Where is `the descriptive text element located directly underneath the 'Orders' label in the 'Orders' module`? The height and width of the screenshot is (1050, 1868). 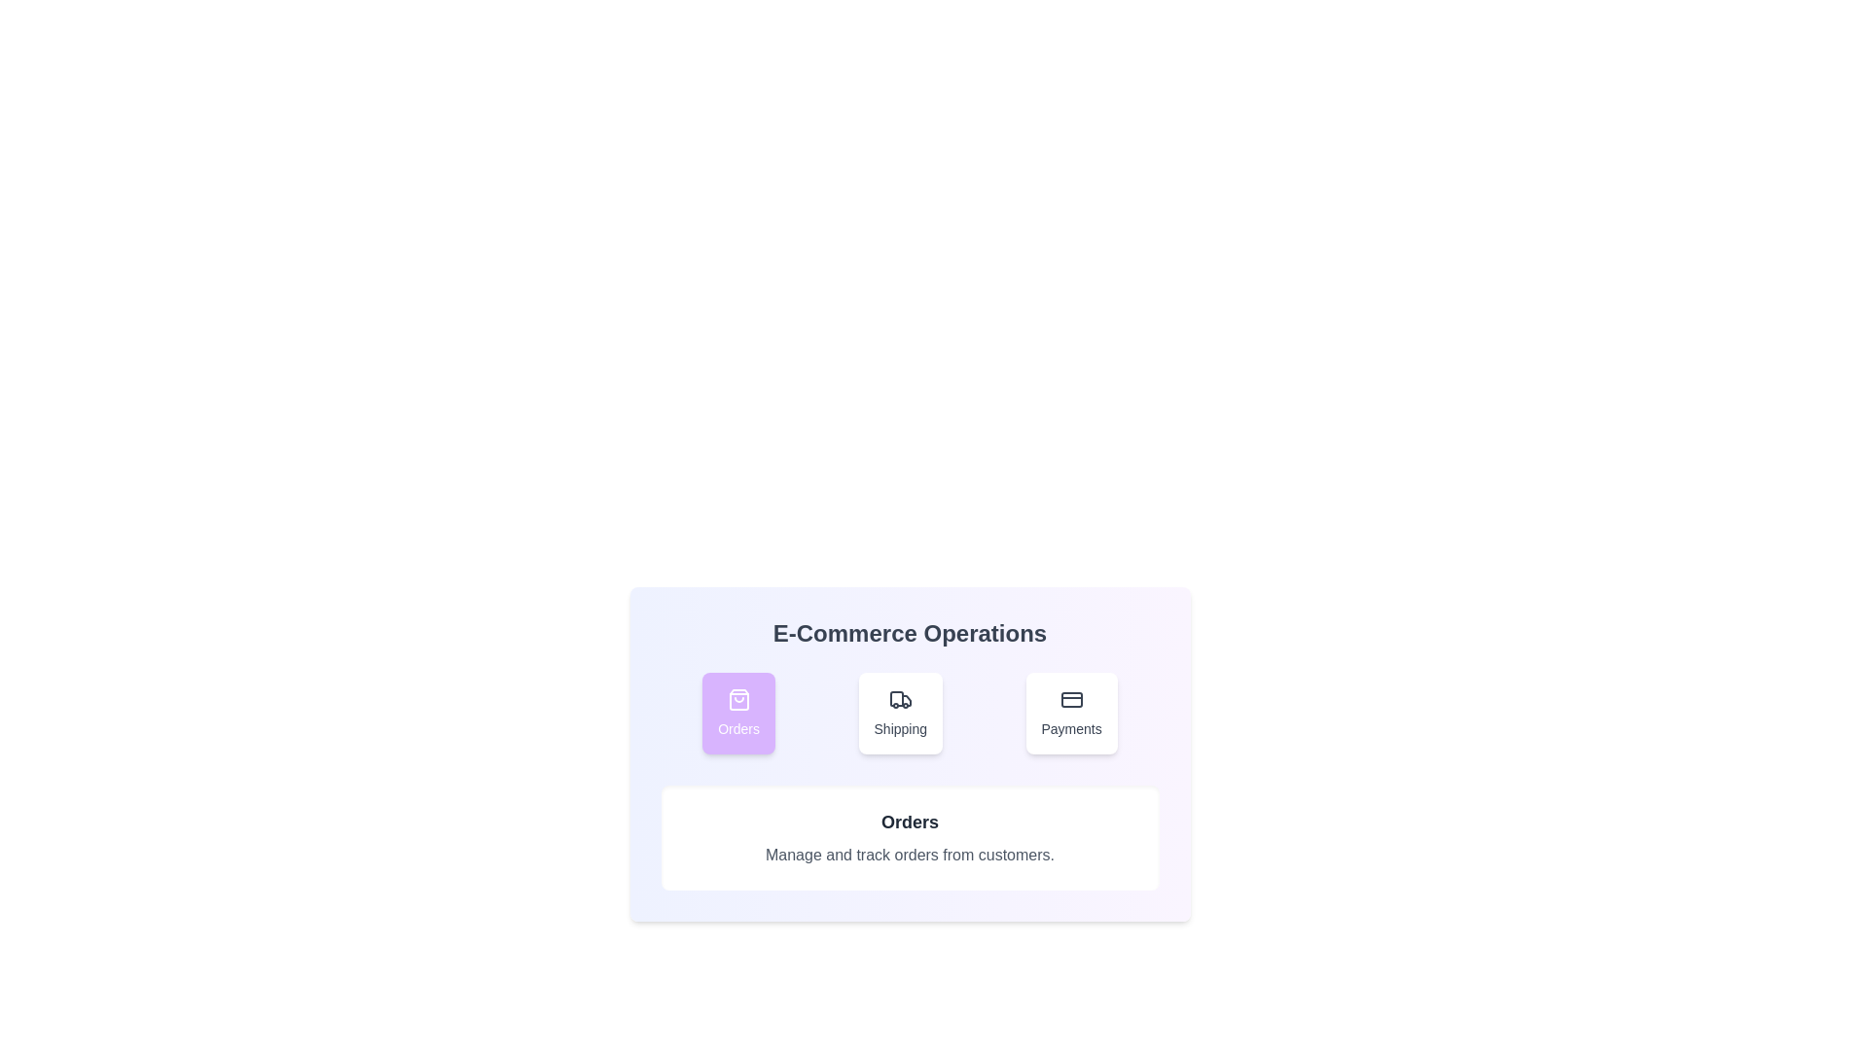
the descriptive text element located directly underneath the 'Orders' label in the 'Orders' module is located at coordinates (909, 854).